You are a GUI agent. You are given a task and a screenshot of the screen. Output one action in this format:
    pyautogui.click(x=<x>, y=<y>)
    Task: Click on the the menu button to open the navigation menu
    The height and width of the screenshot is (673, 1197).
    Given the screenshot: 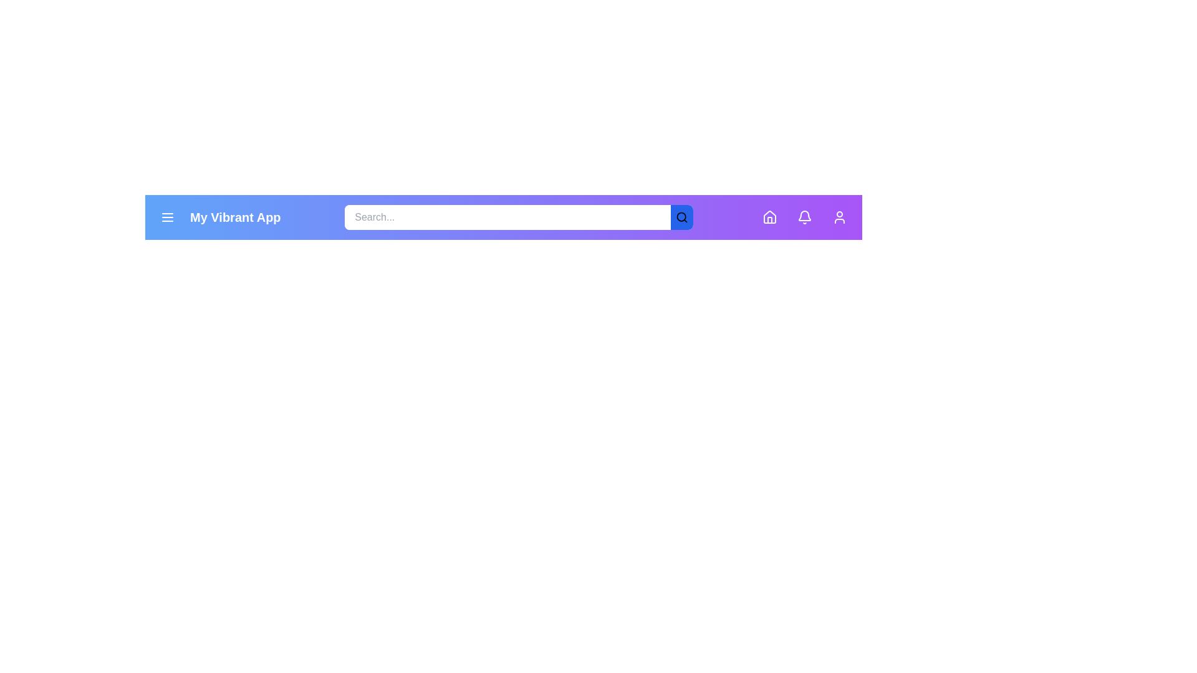 What is the action you would take?
    pyautogui.click(x=166, y=216)
    